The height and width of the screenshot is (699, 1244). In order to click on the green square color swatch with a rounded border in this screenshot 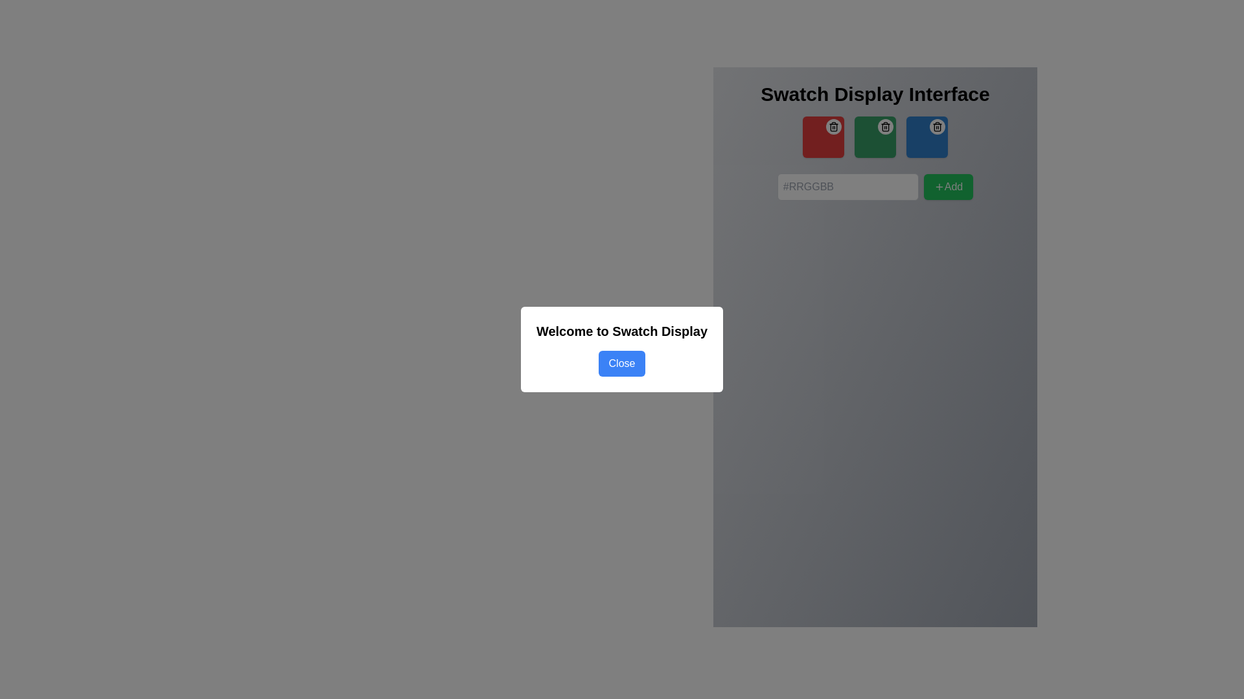, I will do `click(875, 137)`.